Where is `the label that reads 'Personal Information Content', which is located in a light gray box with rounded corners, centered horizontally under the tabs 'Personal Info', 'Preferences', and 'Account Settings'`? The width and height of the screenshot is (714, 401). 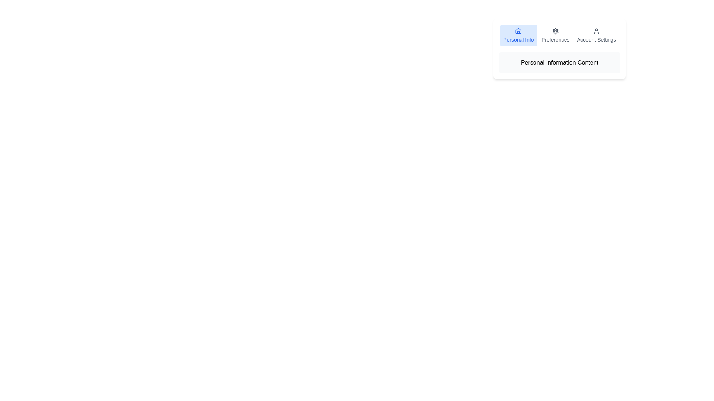
the label that reads 'Personal Information Content', which is located in a light gray box with rounded corners, centered horizontally under the tabs 'Personal Info', 'Preferences', and 'Account Settings' is located at coordinates (560, 62).